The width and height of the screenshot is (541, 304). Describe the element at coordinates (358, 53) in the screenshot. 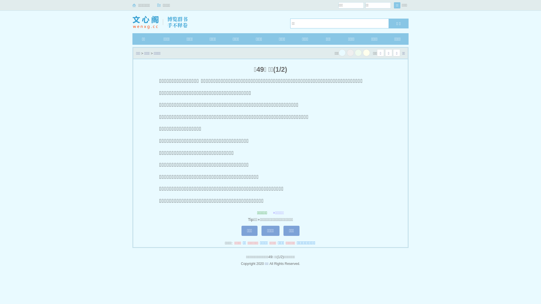

I see `'  '` at that location.